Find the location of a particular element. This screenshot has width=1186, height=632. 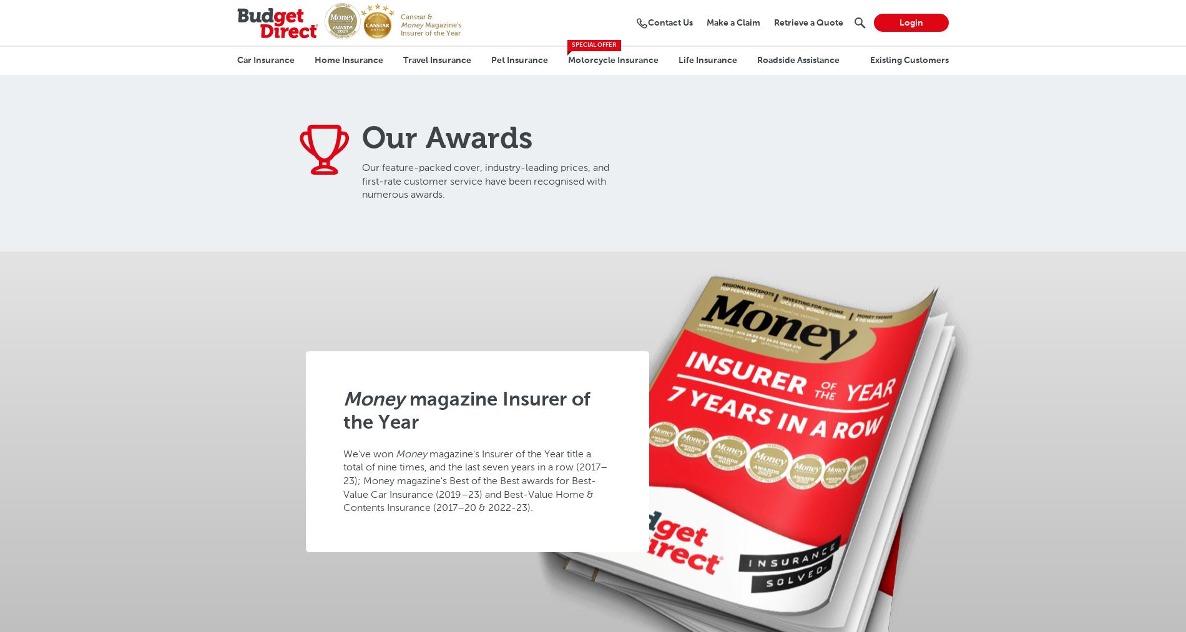

'Retrieve a Quote' is located at coordinates (808, 22).